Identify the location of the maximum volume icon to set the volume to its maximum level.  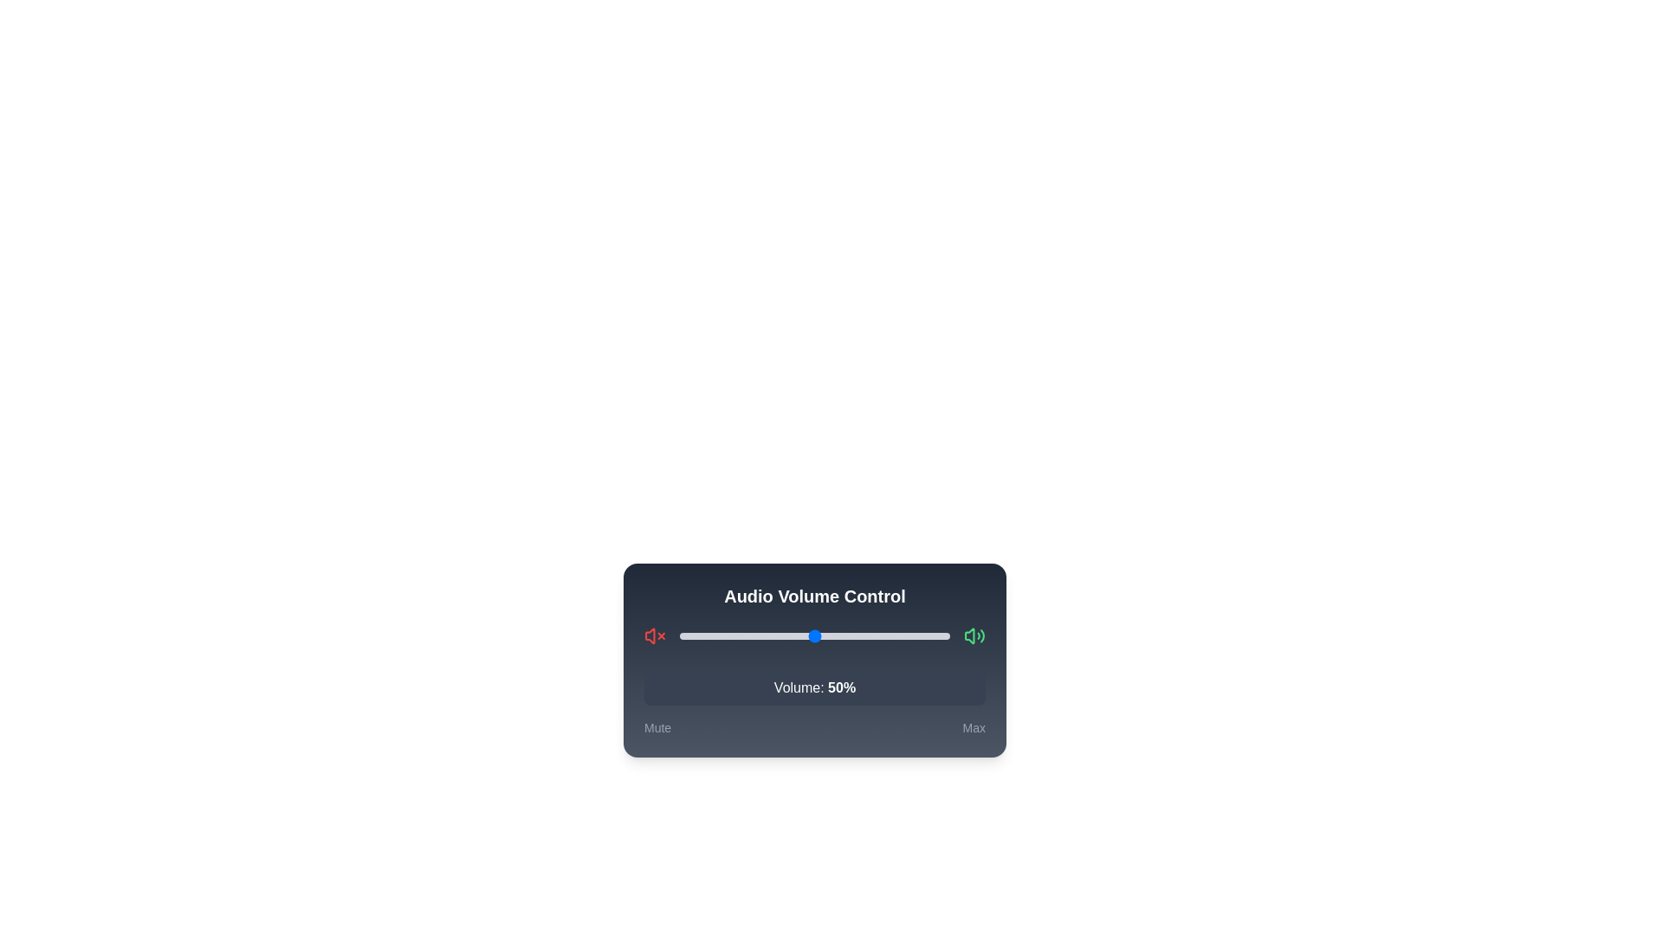
(974, 636).